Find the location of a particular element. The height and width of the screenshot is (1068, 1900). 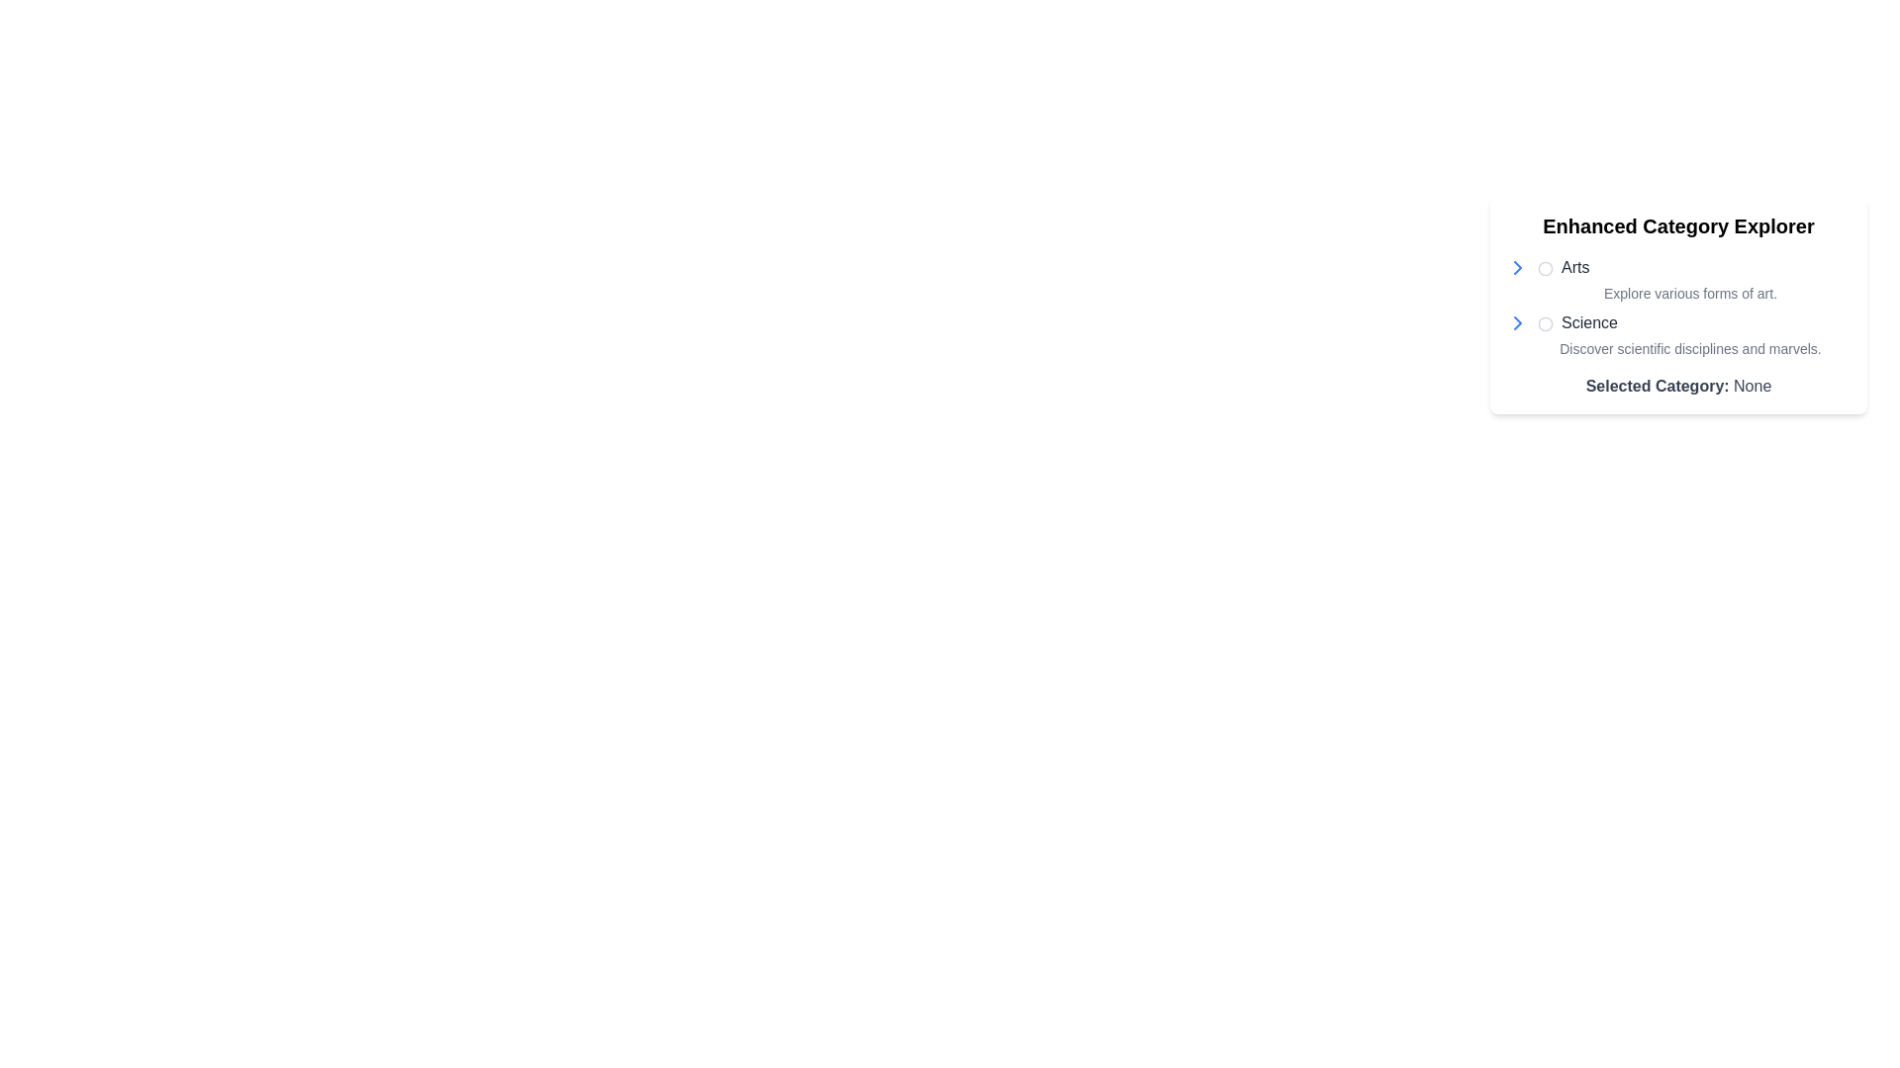

the small, blue chevron arrow icon pointing to the right, located immediately to the left of the text 'Arts', to get focus highlights is located at coordinates (1517, 267).